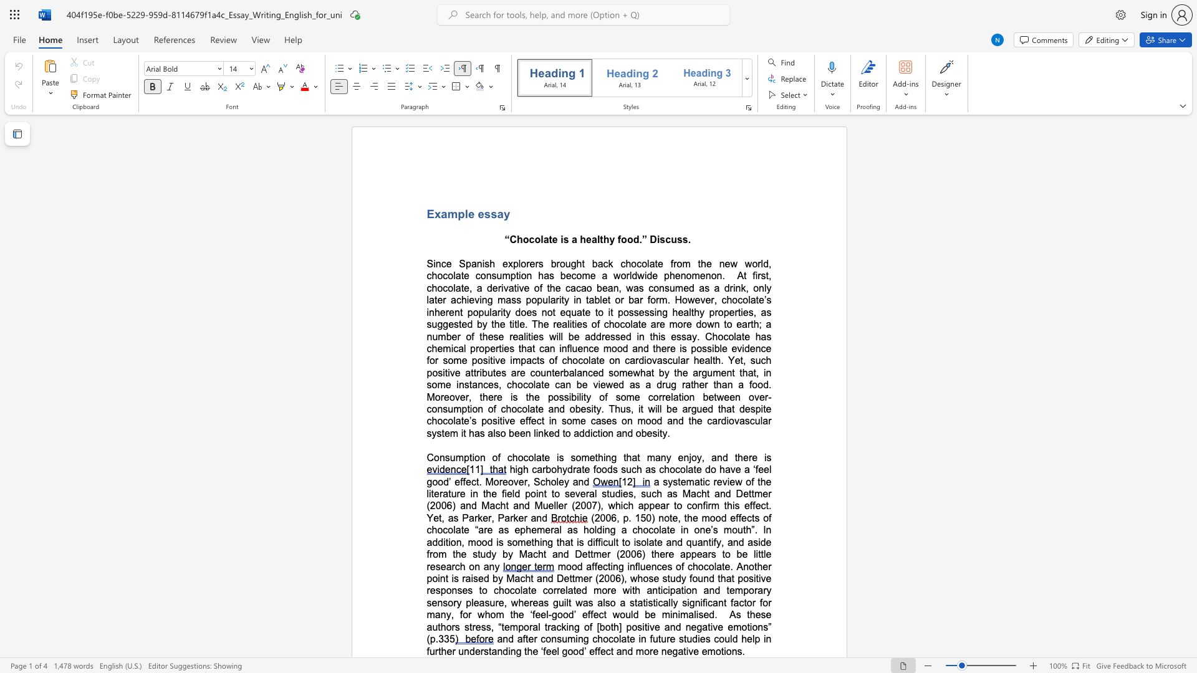 The height and width of the screenshot is (673, 1197). I want to click on the subset text "g o" within the text "As these authors stress, “temporal tracking of [both] positive and negative emotions” (p.335", so click(574, 627).